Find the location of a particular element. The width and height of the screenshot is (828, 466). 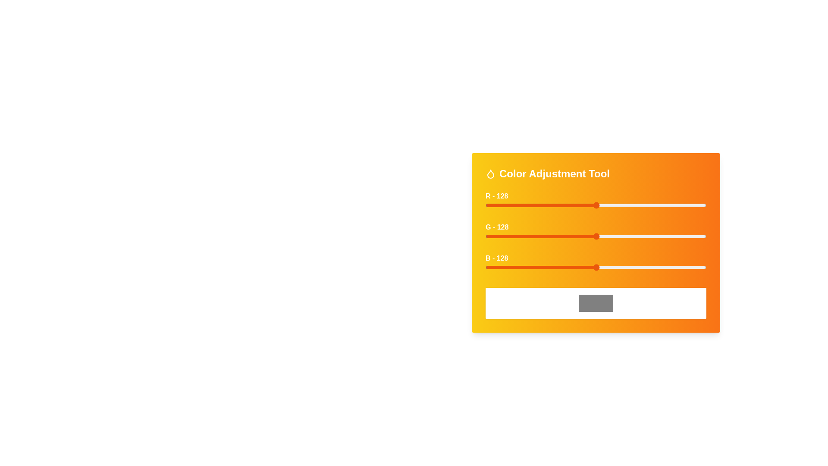

the red slider to 43 is located at coordinates (522, 205).